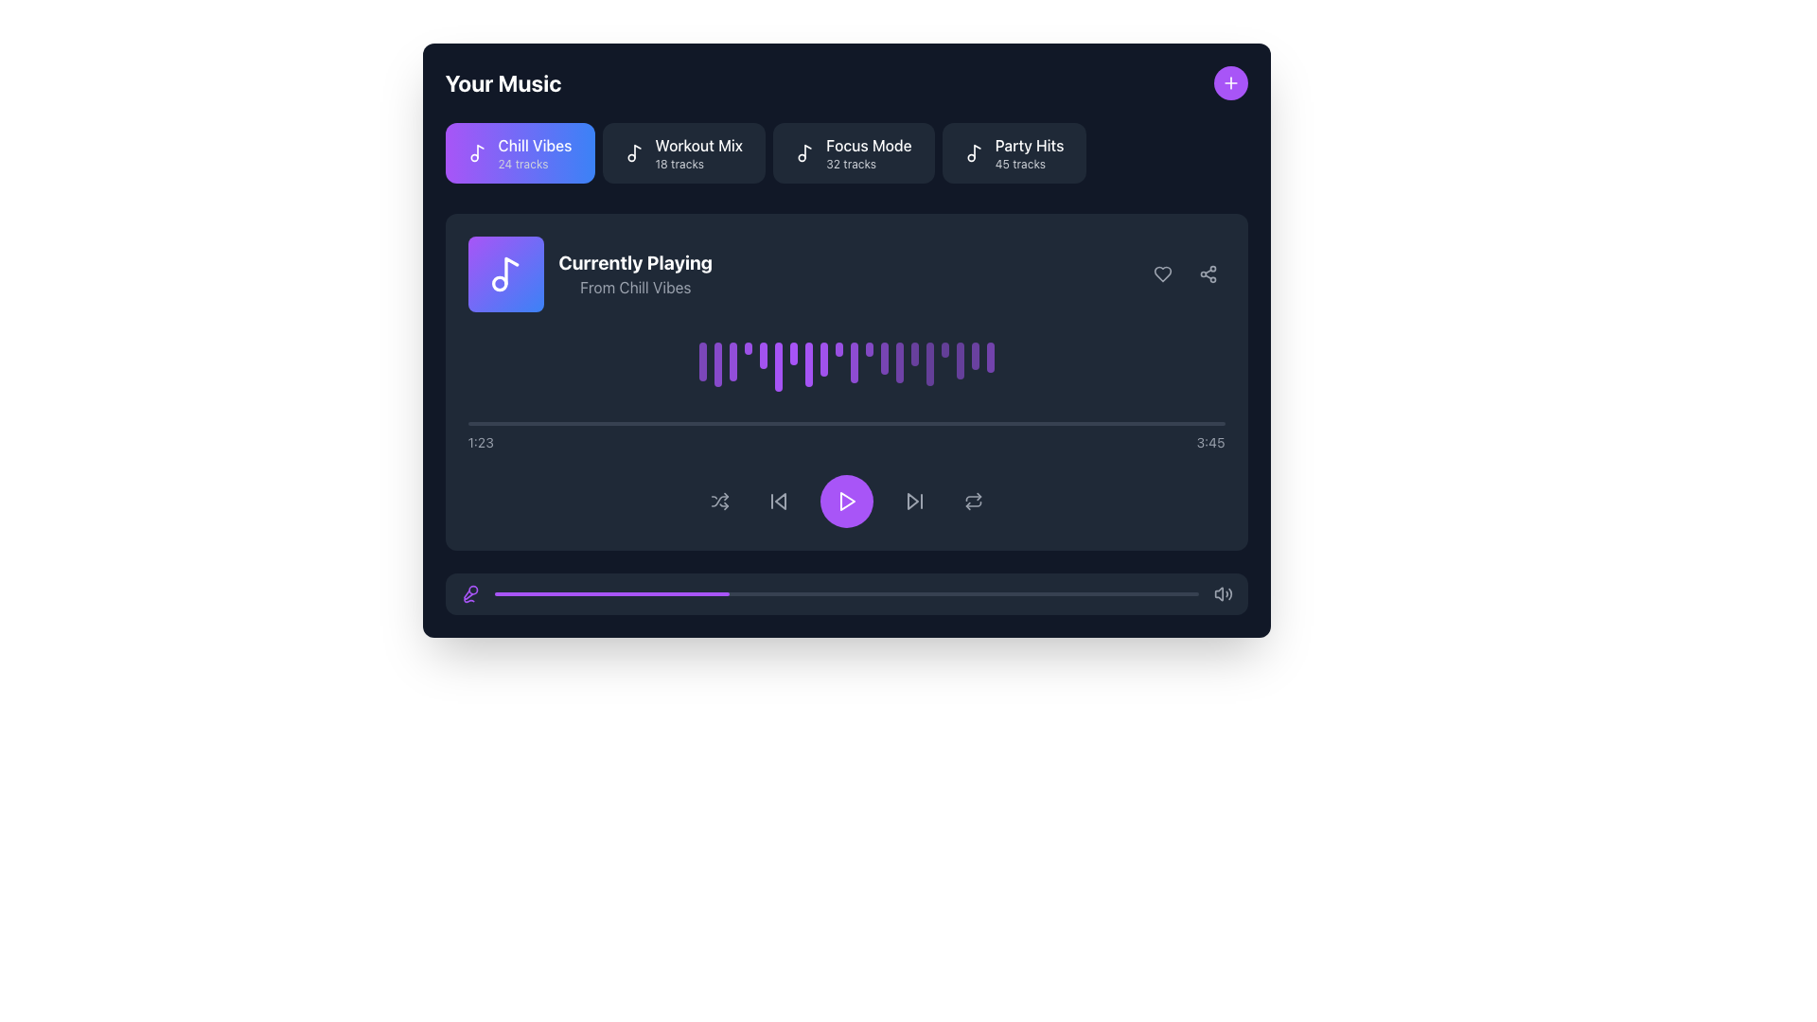 The width and height of the screenshot is (1817, 1022). I want to click on the music progress bar, so click(591, 593).